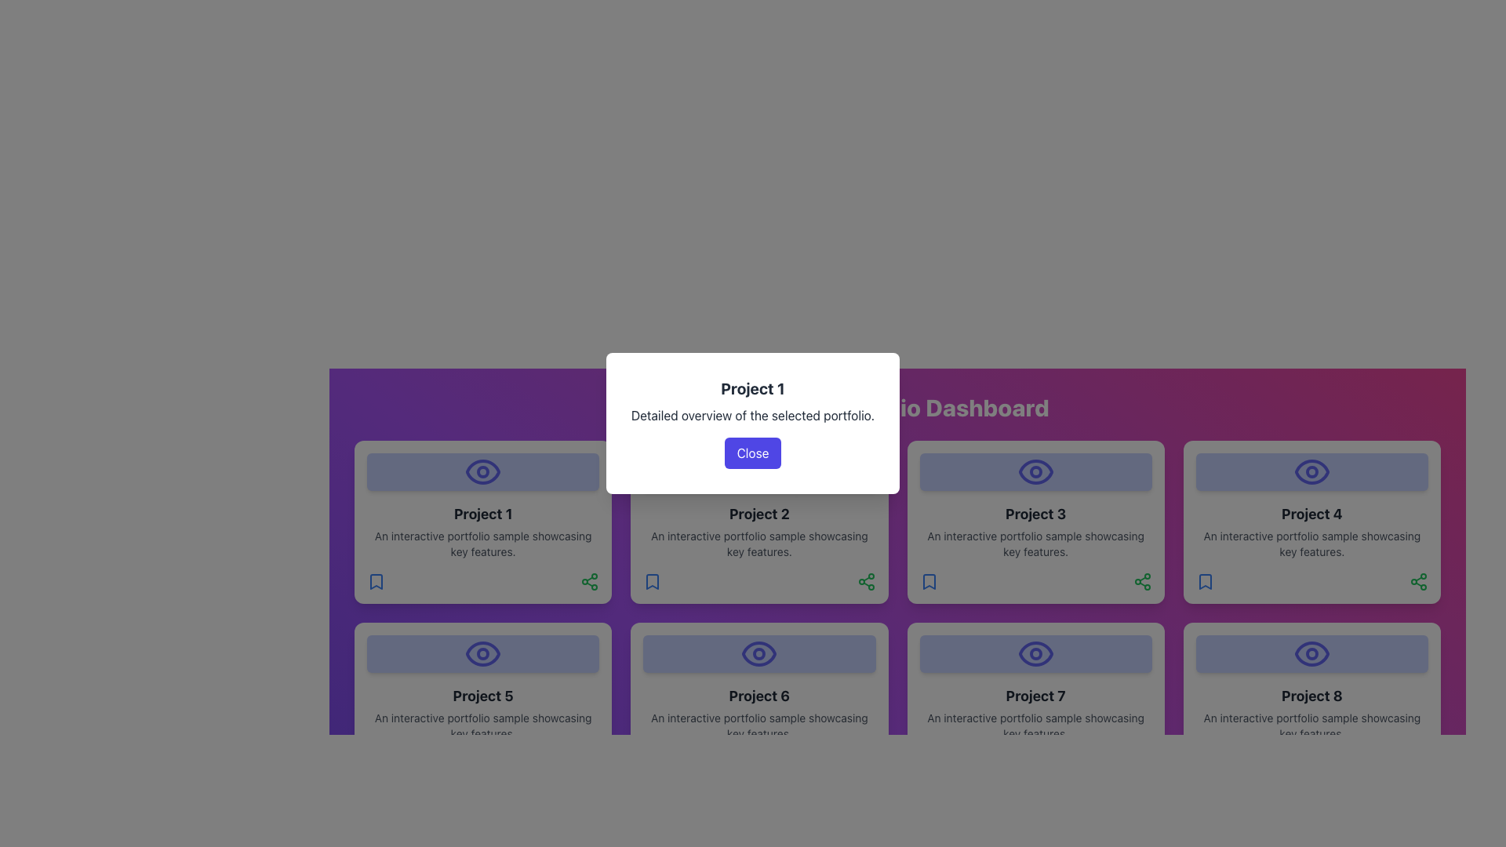  What do you see at coordinates (759, 725) in the screenshot?
I see `the text label that reads 'An interactive portfolio sample showcasing key features,' which is located inside a white rounded rectangle in the bottom portion of the card labeled 'Project 6.'` at bounding box center [759, 725].